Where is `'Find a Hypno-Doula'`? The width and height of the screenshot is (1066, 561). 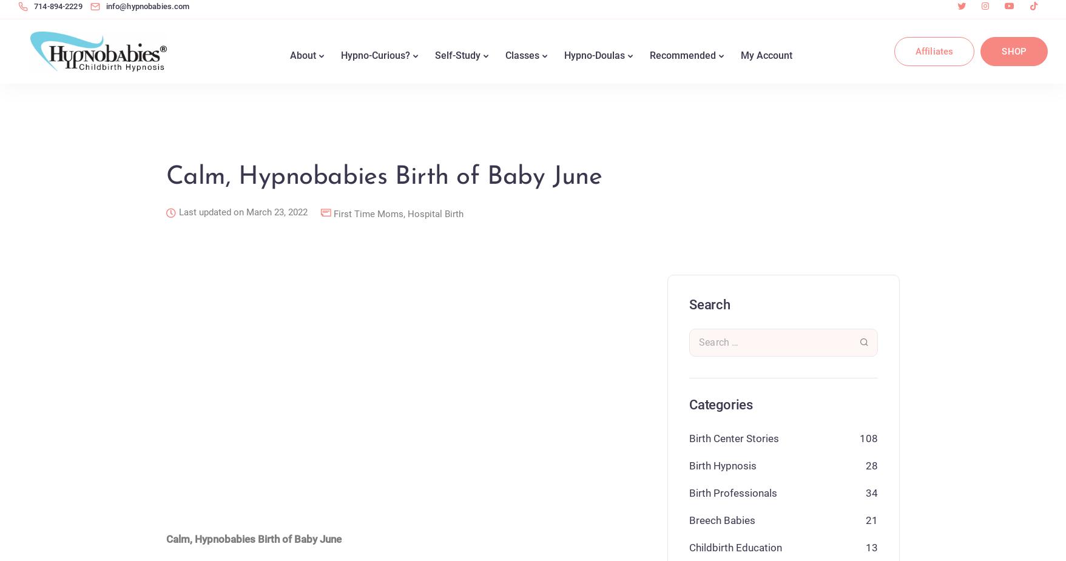
'Find a Hypno-Doula' is located at coordinates (562, 126).